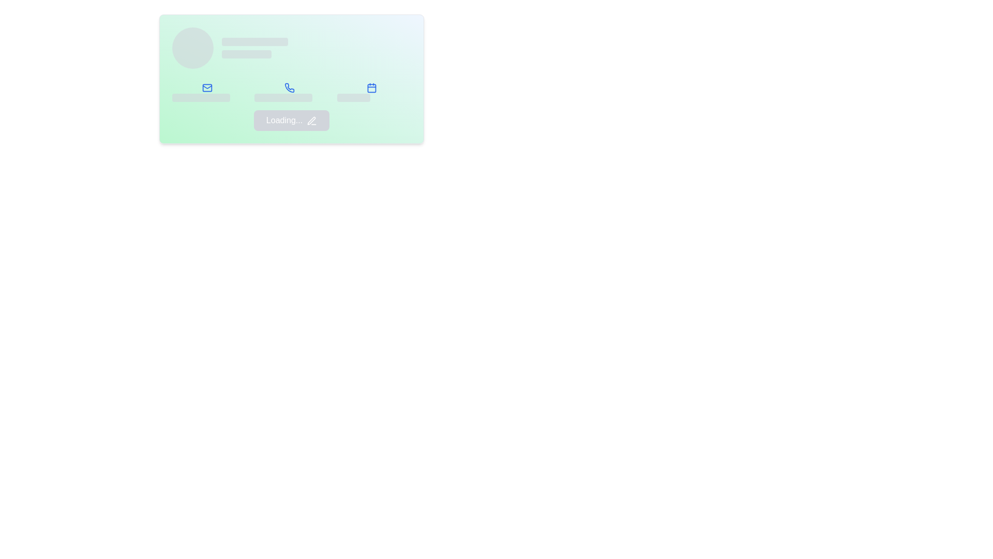 The width and height of the screenshot is (993, 559). I want to click on the internal rectangular area with rounded corners within the calendar icon located in the top-right region of the interface, so click(372, 87).